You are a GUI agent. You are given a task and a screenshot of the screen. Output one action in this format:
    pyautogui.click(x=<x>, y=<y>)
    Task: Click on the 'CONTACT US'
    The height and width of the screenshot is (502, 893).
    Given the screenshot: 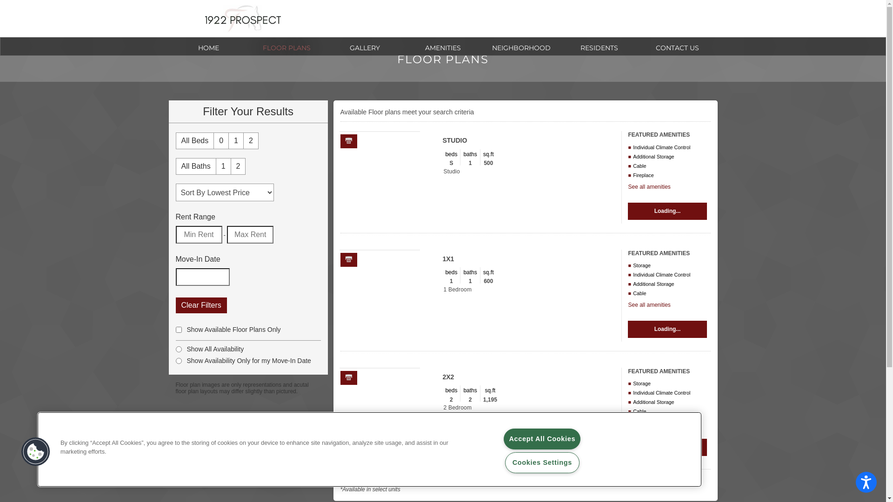 What is the action you would take?
    pyautogui.click(x=638, y=46)
    